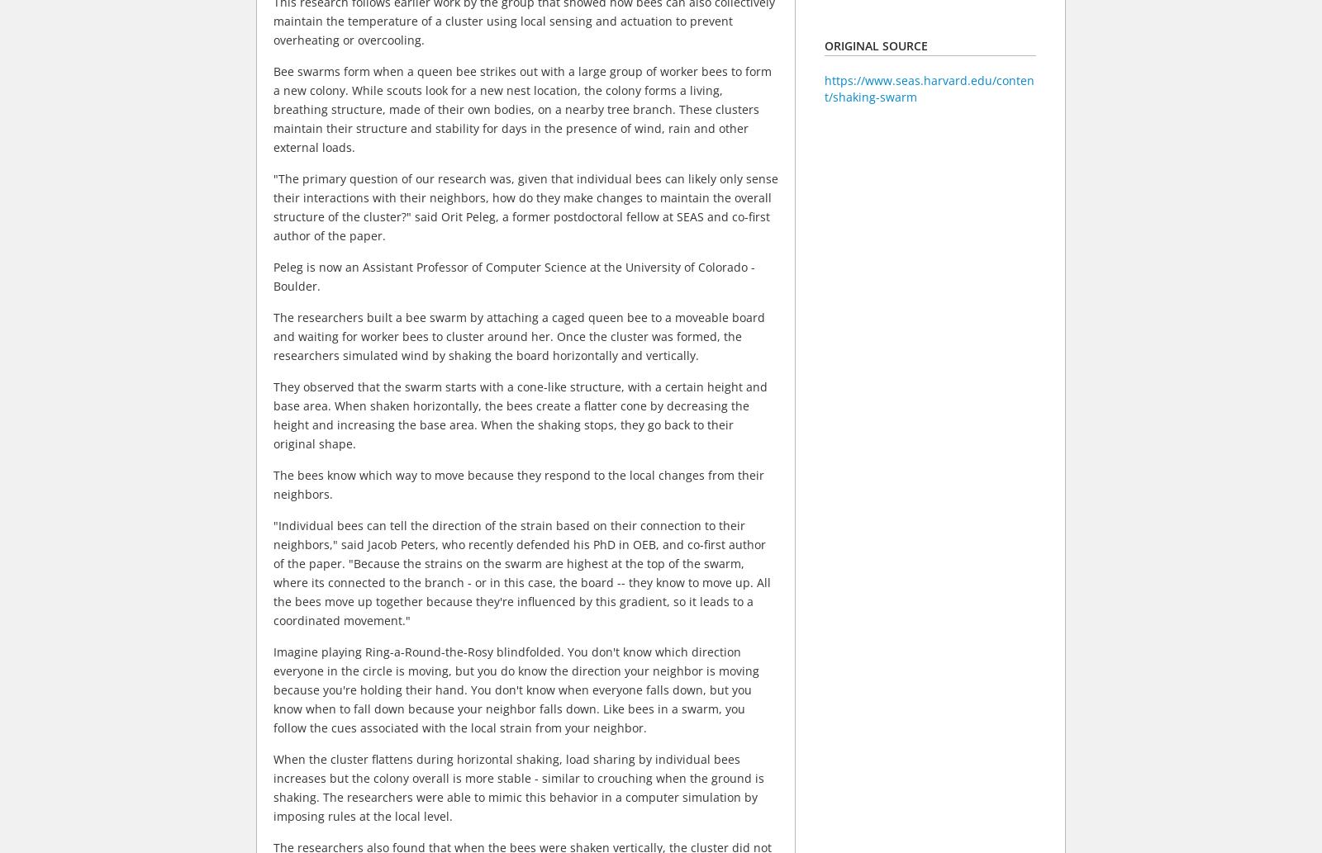 The width and height of the screenshot is (1322, 853). I want to click on 'https://www.seas.harvard.edu/content/shaking-swarm', so click(929, 88).